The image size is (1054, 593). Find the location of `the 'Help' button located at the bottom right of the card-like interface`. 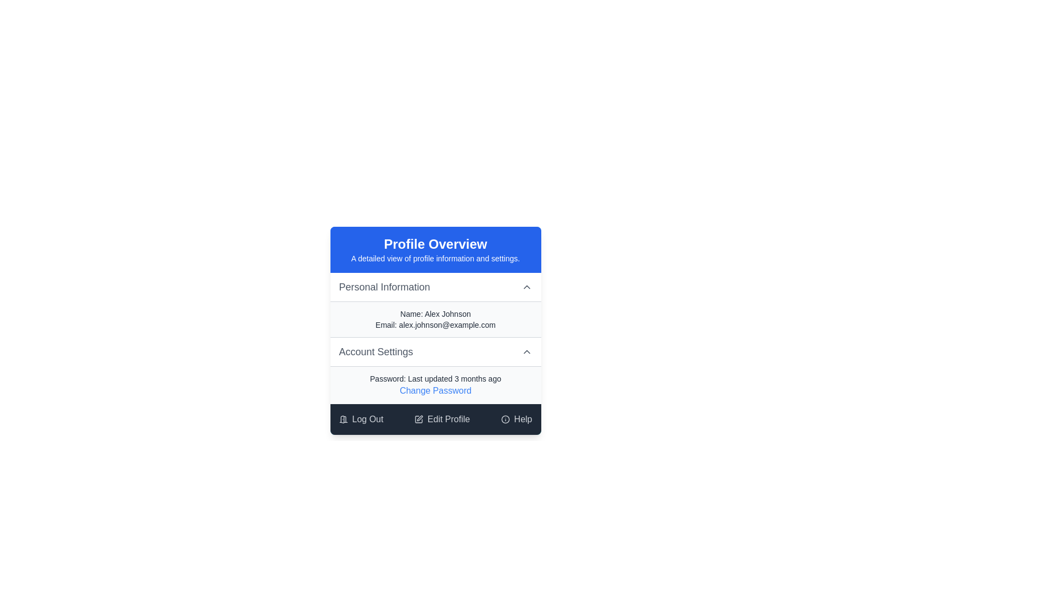

the 'Help' button located at the bottom right of the card-like interface is located at coordinates (515, 419).